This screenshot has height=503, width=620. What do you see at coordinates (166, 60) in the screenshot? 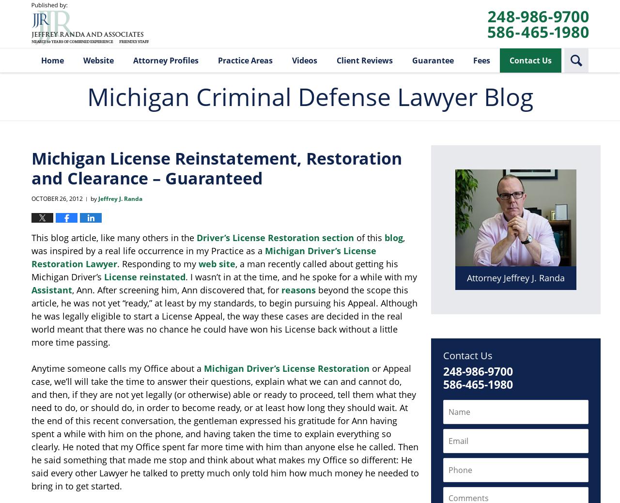
I see `'Attorney Profiles'` at bounding box center [166, 60].